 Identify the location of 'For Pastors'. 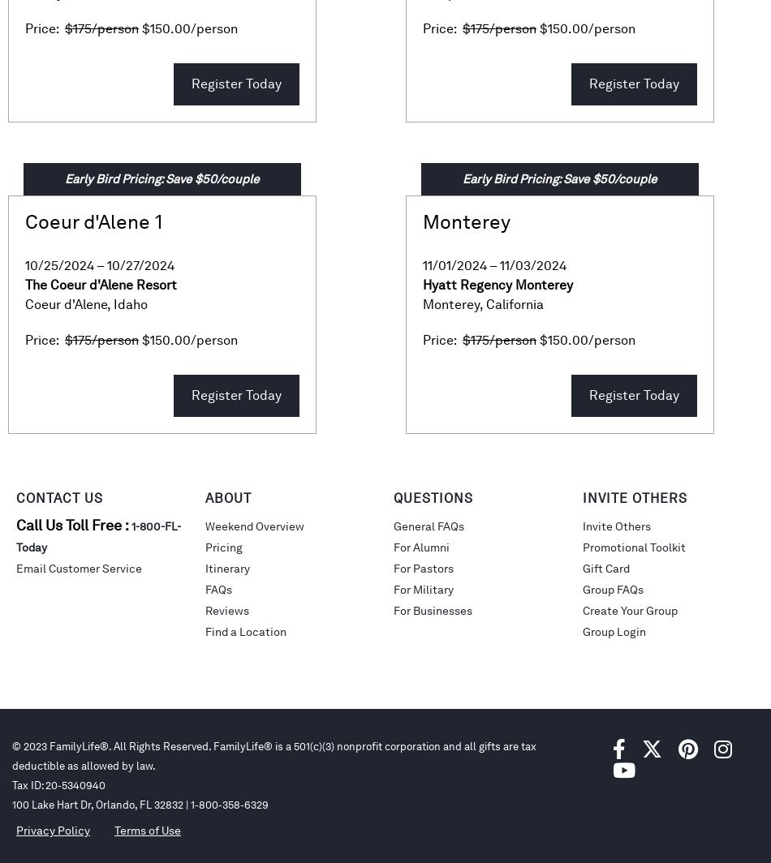
(424, 569).